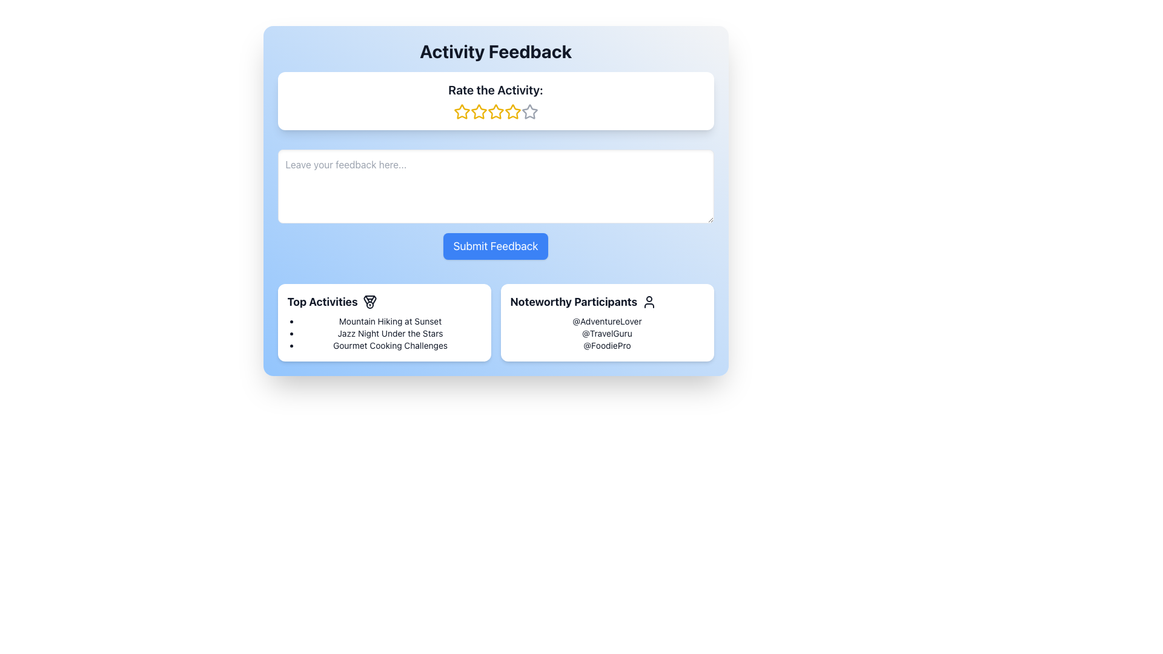  I want to click on the stars in the Rating interface labeled 'Rate the Activity:', so click(495, 100).